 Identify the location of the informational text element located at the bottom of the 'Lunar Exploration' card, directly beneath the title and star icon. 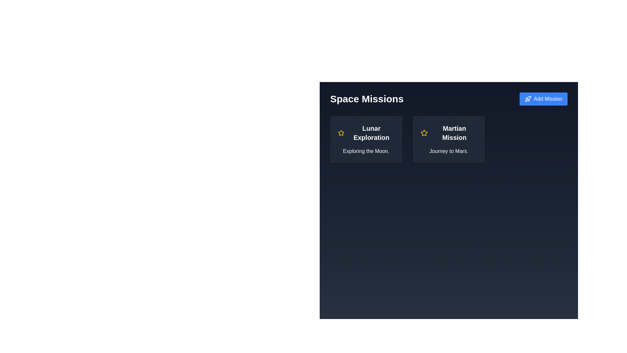
(366, 151).